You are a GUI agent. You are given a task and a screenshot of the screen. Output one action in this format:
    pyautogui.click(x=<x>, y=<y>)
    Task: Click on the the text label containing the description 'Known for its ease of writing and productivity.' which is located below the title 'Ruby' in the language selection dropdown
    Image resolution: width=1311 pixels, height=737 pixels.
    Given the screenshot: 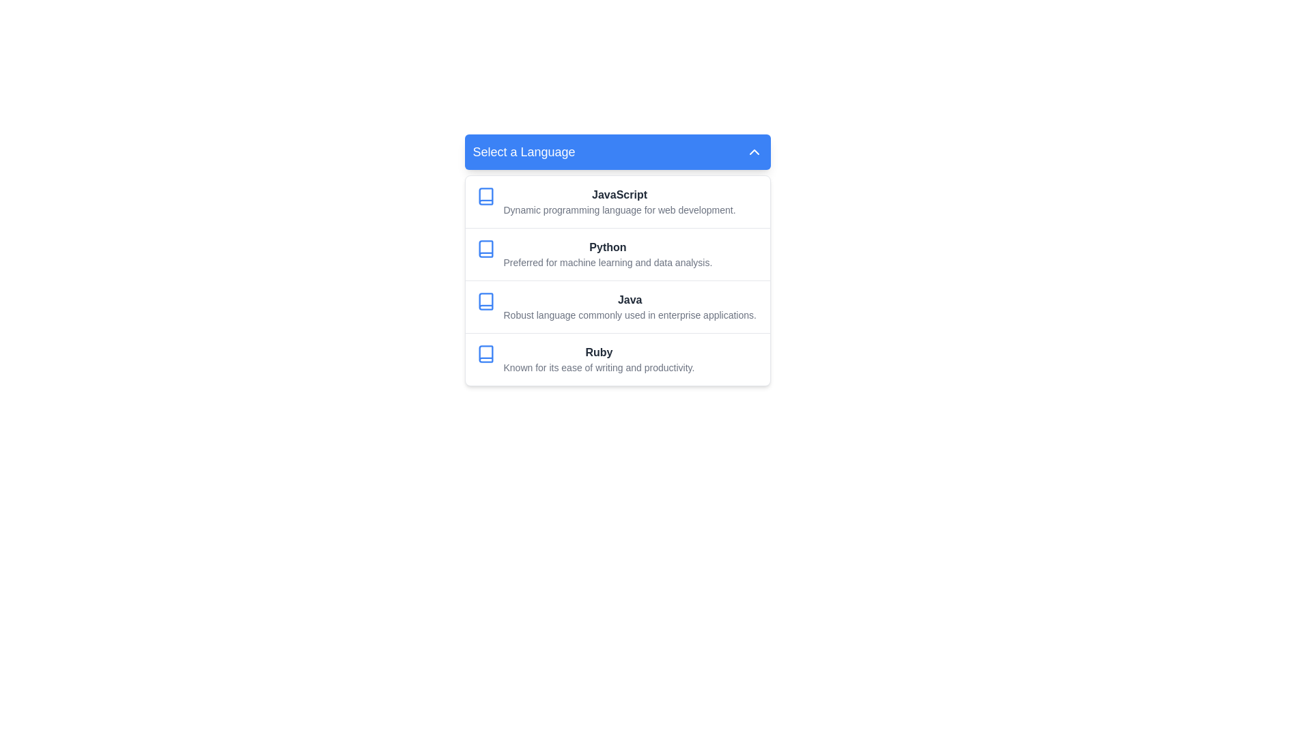 What is the action you would take?
    pyautogui.click(x=599, y=367)
    